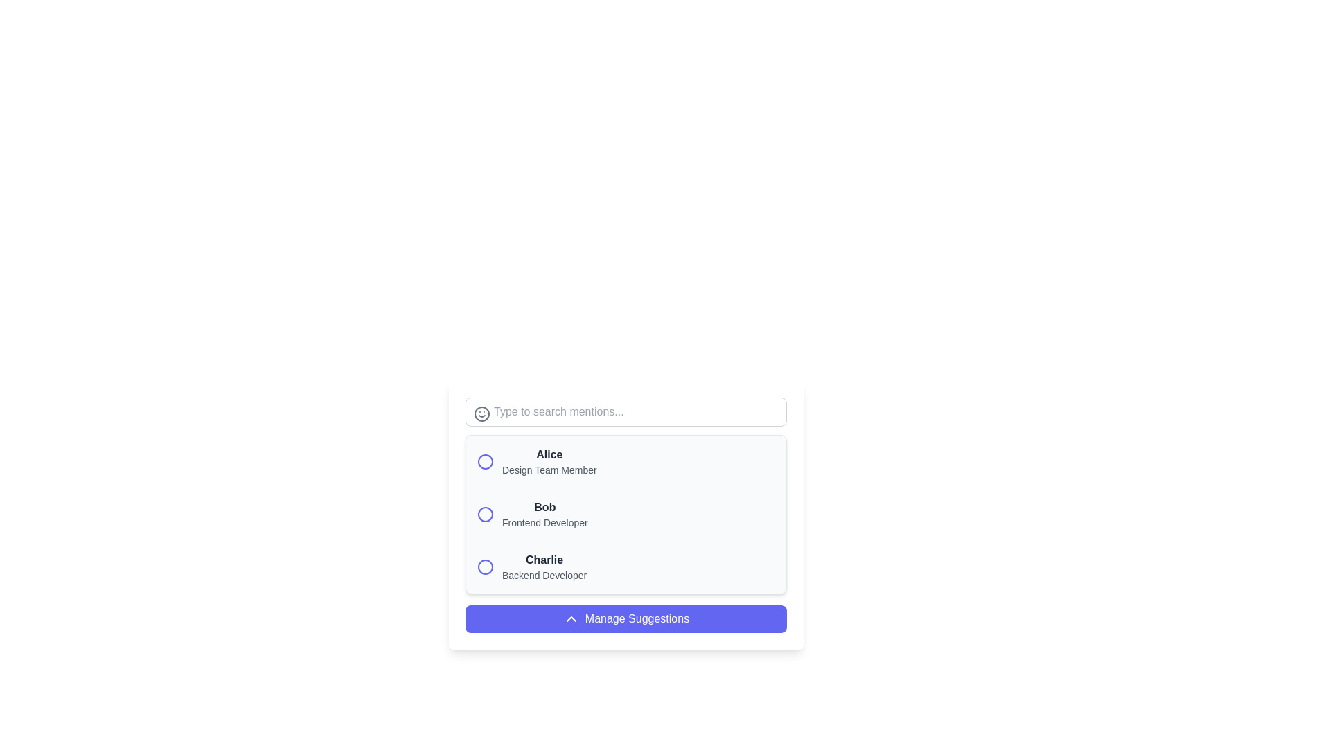  Describe the element at coordinates (625, 515) in the screenshot. I see `the second entry in the dropdown panel, which displays 'Bob (Frontend Developer)' and is styled with rounded borders and a light gray background` at that location.